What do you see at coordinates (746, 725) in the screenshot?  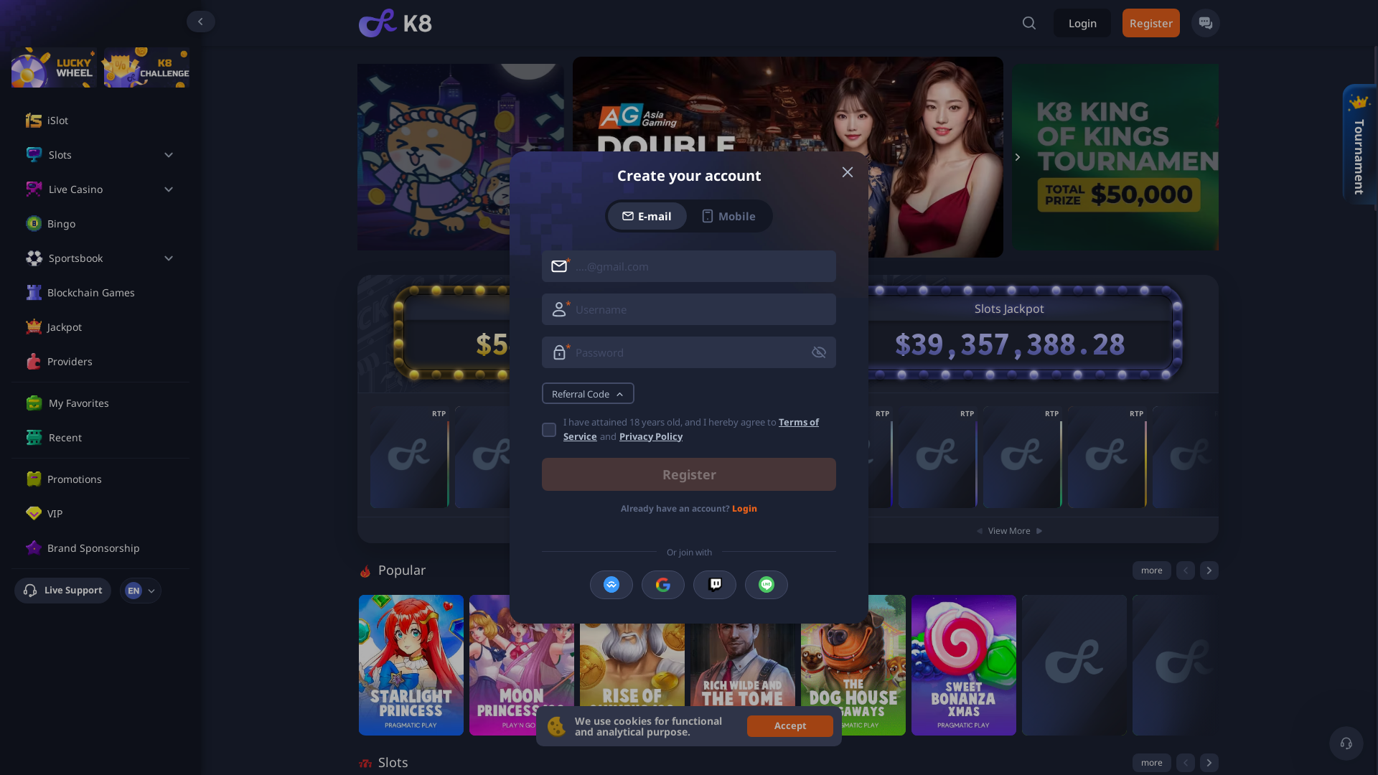 I see `'Accept'` at bounding box center [746, 725].